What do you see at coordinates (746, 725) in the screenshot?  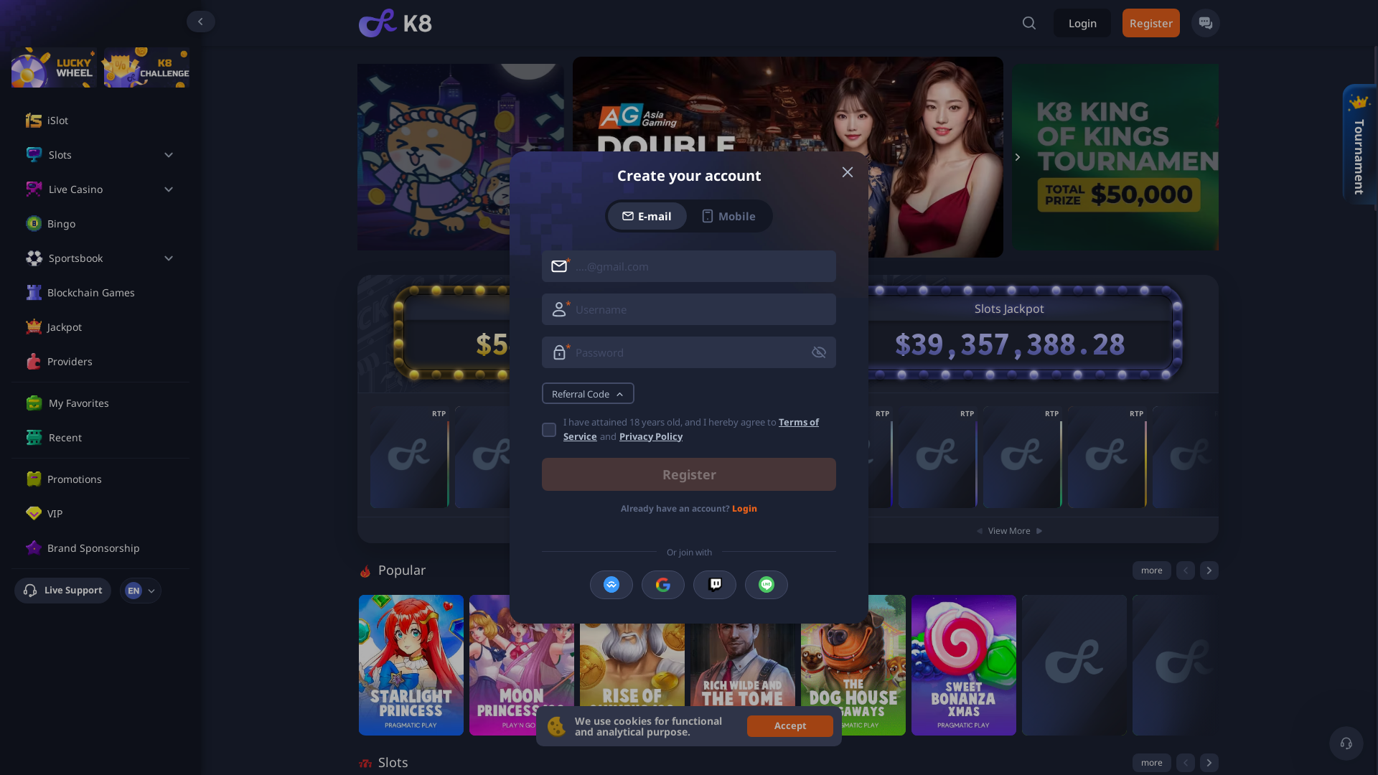 I see `'Accept'` at bounding box center [746, 725].